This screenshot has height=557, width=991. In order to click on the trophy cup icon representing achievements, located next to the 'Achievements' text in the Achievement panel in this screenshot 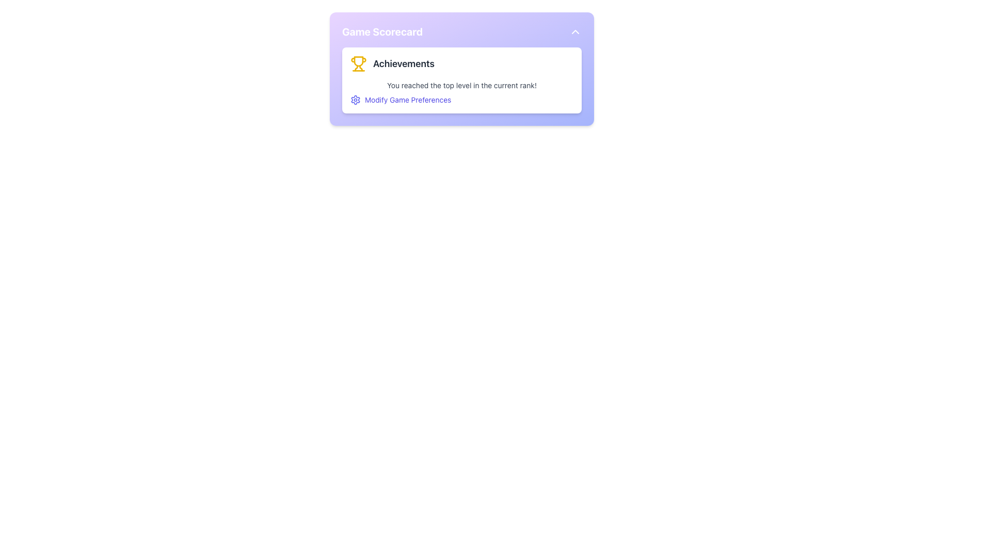, I will do `click(359, 61)`.